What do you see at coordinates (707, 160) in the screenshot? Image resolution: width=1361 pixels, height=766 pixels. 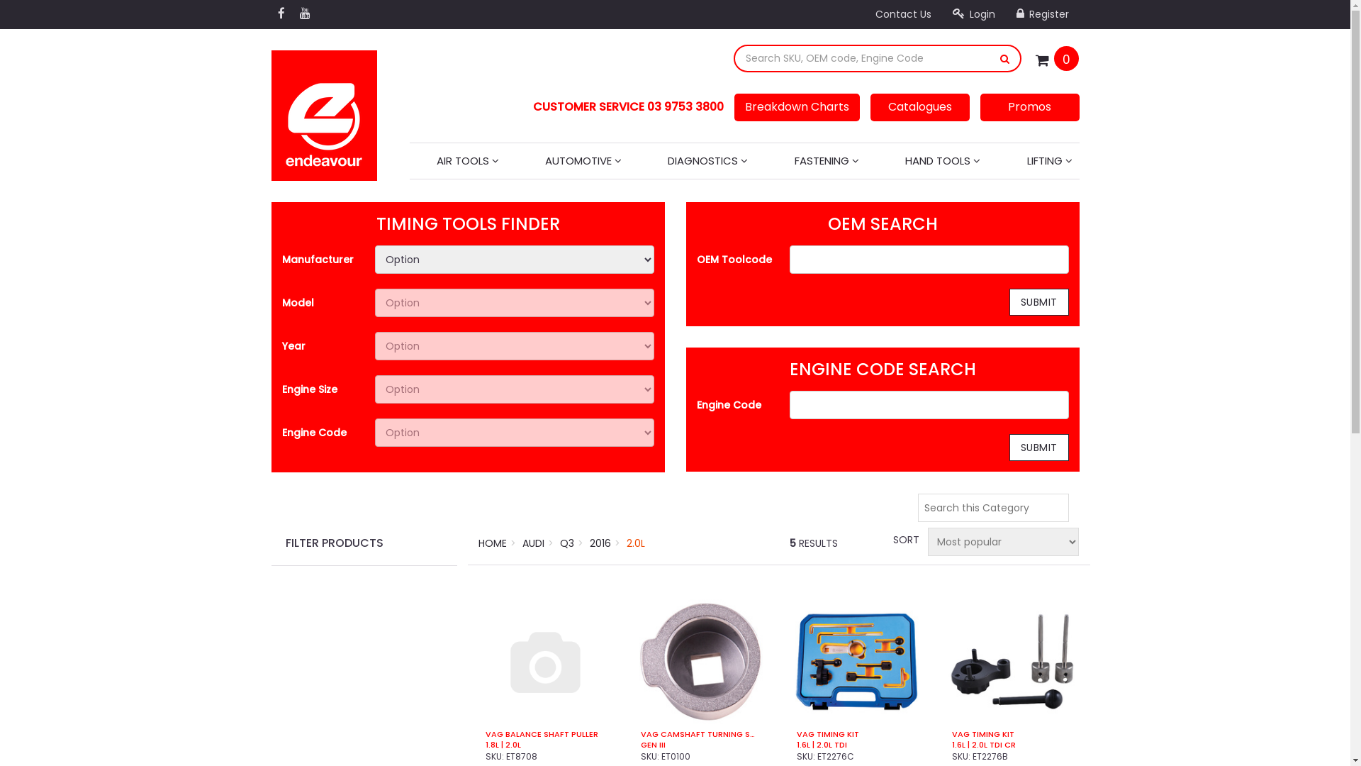 I see `'DIAGNOSTICS'` at bounding box center [707, 160].